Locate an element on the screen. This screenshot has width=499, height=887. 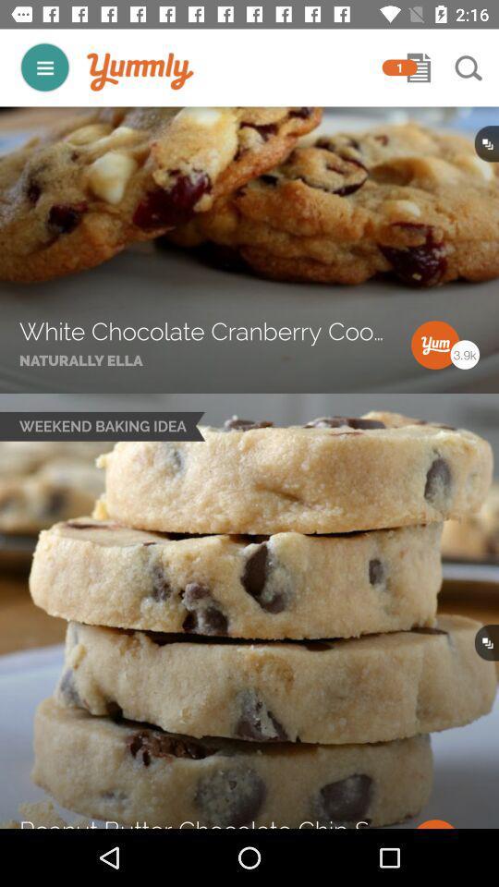
option is located at coordinates (419, 67).